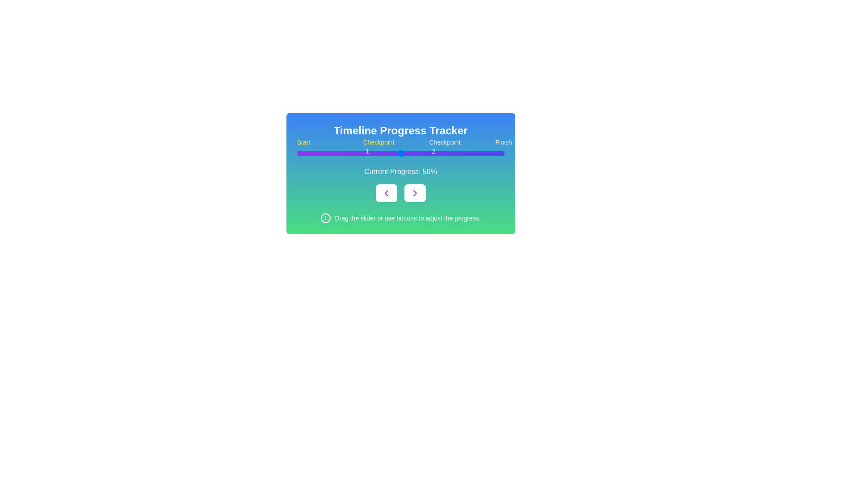 Image resolution: width=858 pixels, height=482 pixels. I want to click on progress on the slider, so click(500, 153).